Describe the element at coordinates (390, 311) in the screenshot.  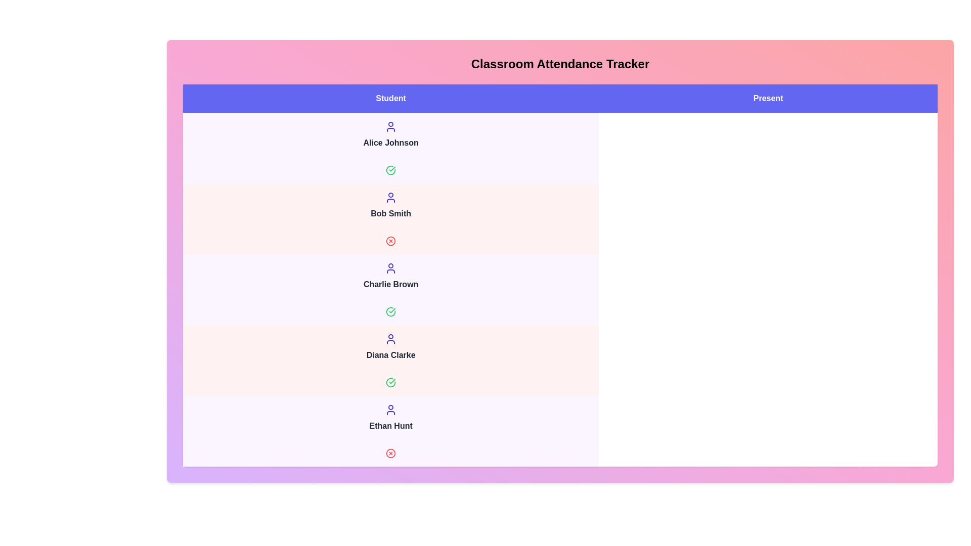
I see `the attendance status icon for Charlie Brown to toggle their status` at that location.